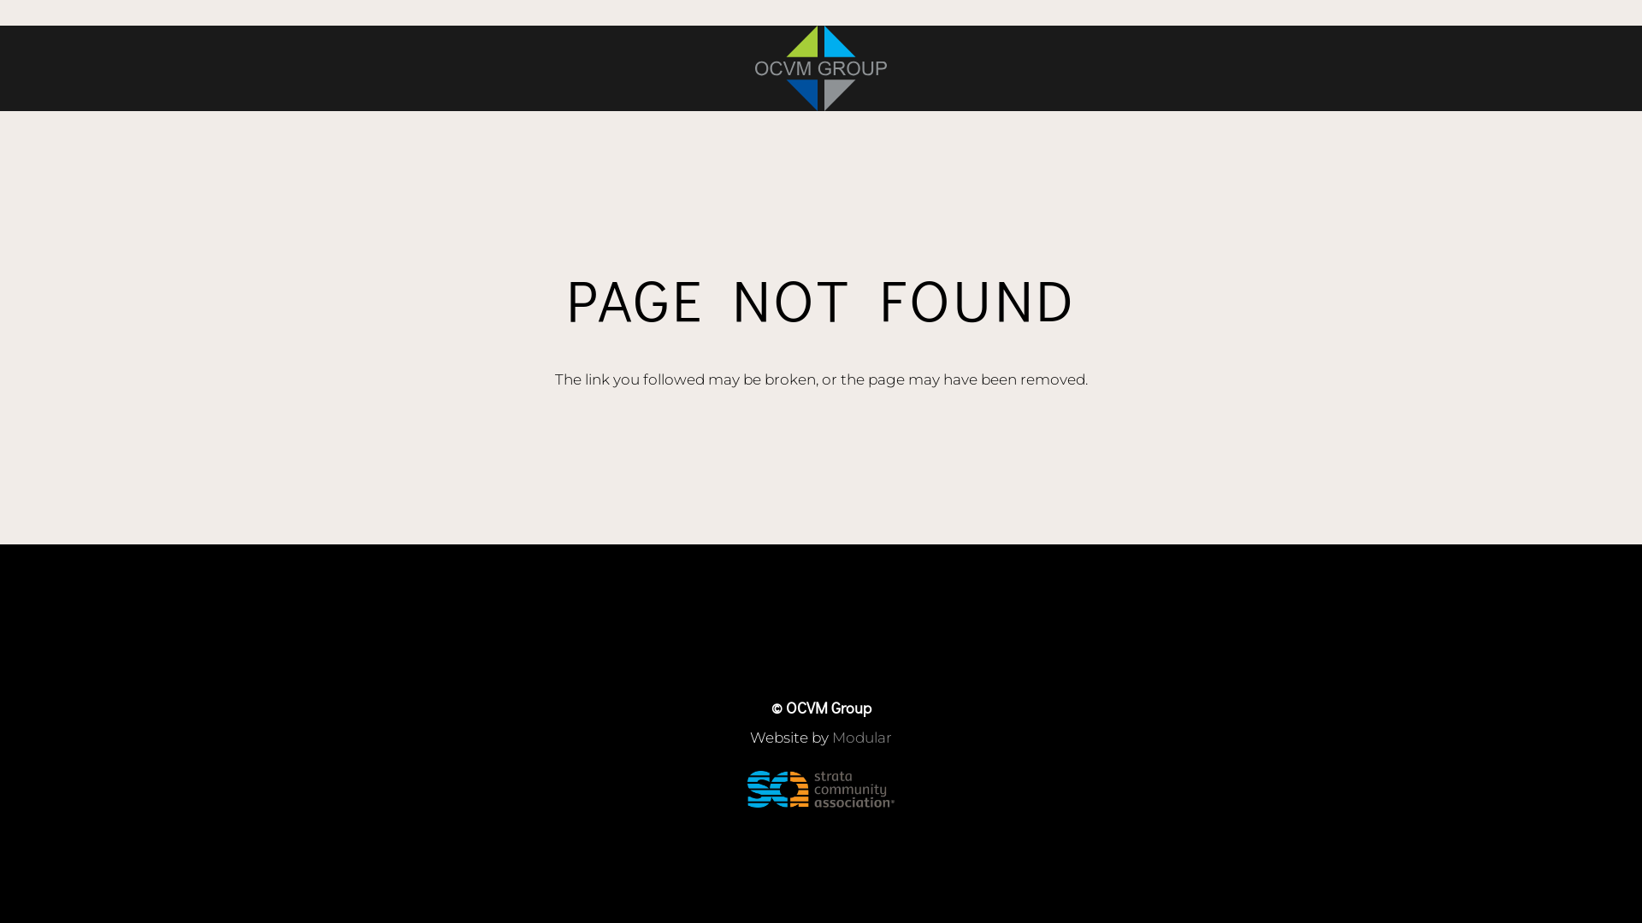  What do you see at coordinates (832, 737) in the screenshot?
I see `'Modular'` at bounding box center [832, 737].